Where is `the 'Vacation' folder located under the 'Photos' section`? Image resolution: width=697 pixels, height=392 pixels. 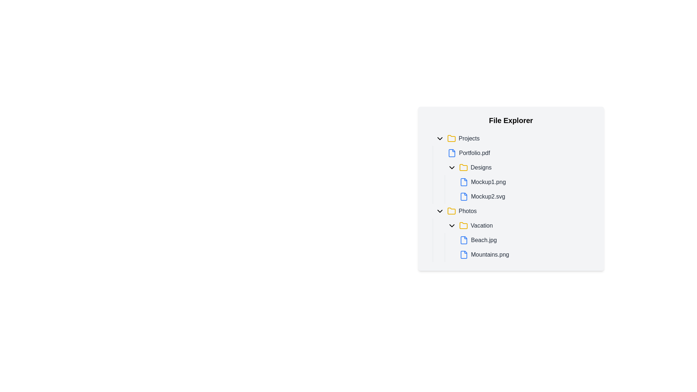 the 'Vacation' folder located under the 'Photos' section is located at coordinates (519, 225).